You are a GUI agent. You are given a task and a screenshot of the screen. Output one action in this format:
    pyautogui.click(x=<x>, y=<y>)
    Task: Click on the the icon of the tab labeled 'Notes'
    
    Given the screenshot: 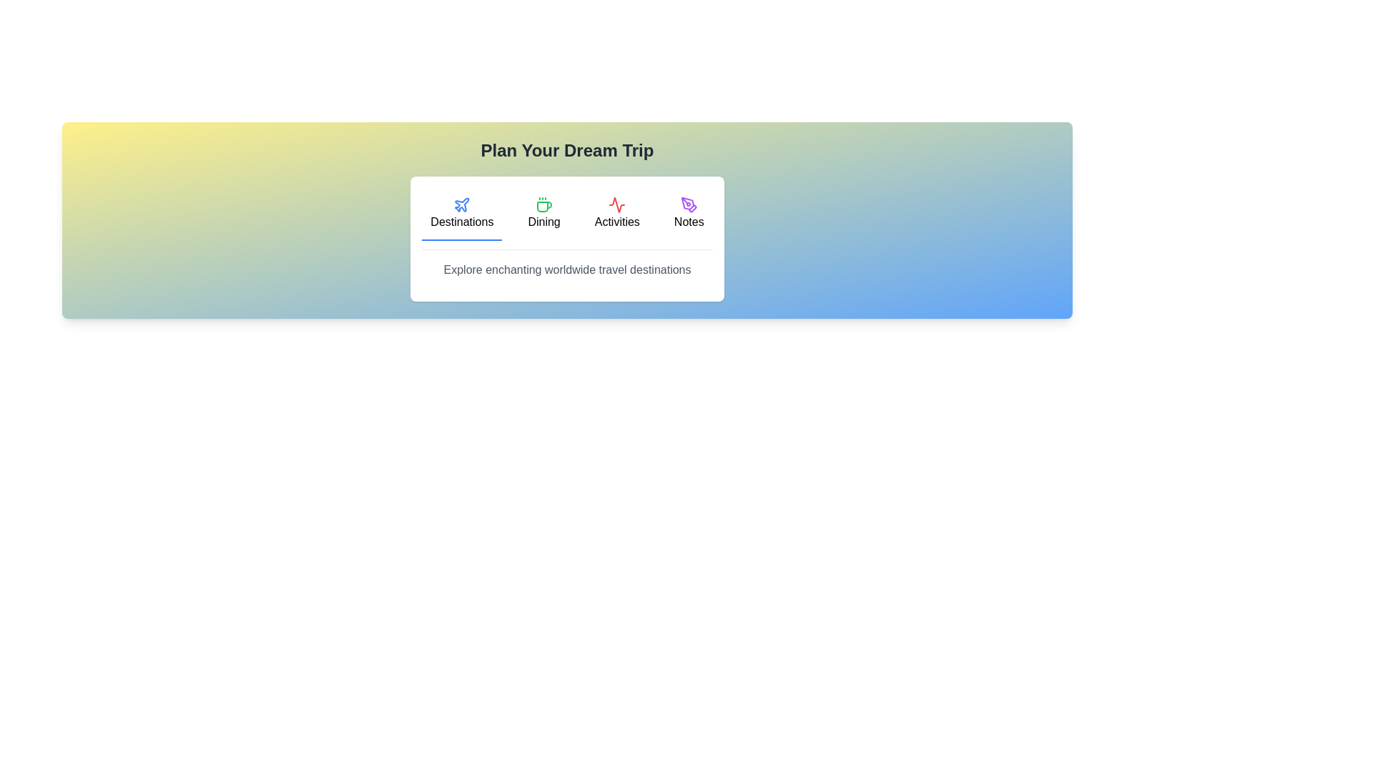 What is the action you would take?
    pyautogui.click(x=689, y=204)
    